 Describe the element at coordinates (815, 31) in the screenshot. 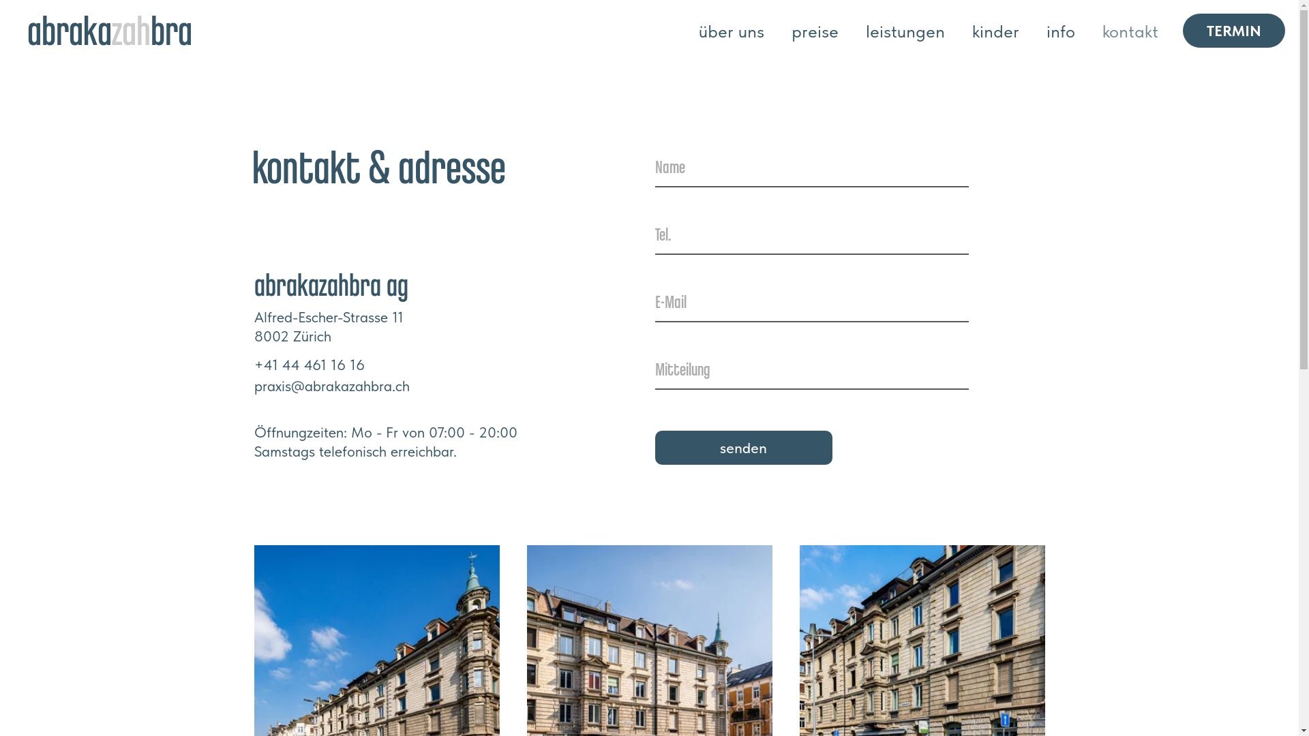

I see `'preise'` at that location.